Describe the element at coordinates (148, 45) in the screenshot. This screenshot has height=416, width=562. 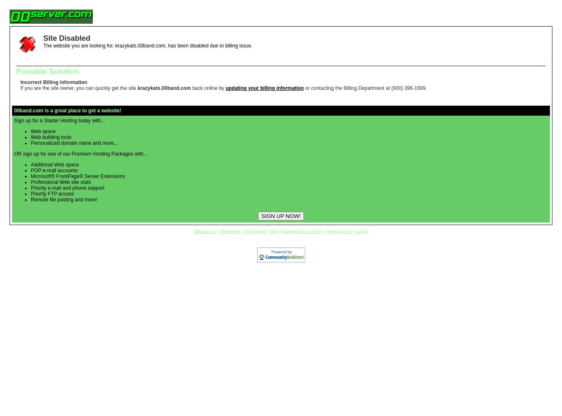
I see `'The website you are looking for, krazykats.00band.com, has been disabled due to billing issue.'` at that location.